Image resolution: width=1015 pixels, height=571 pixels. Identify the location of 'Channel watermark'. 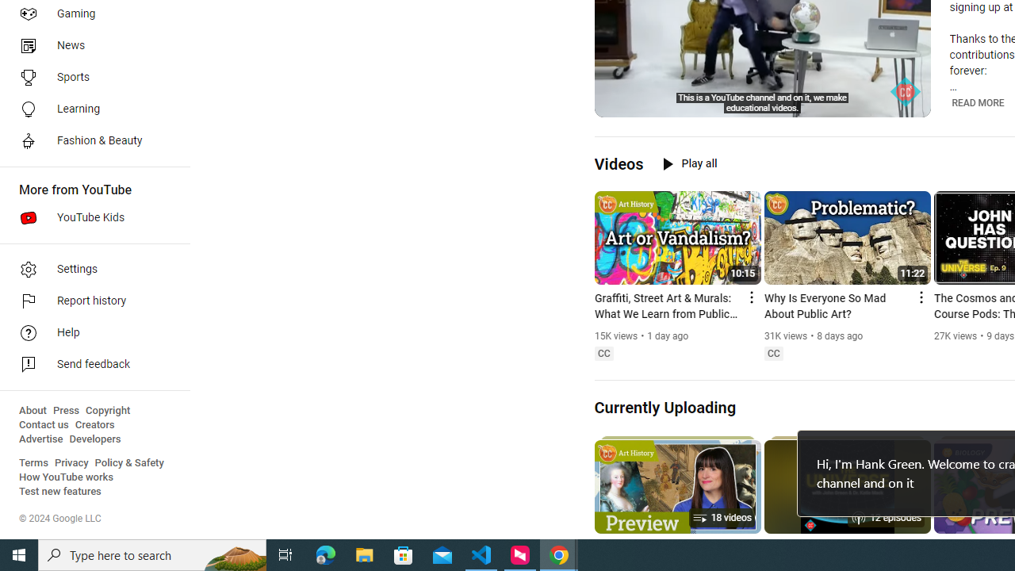
(905, 91).